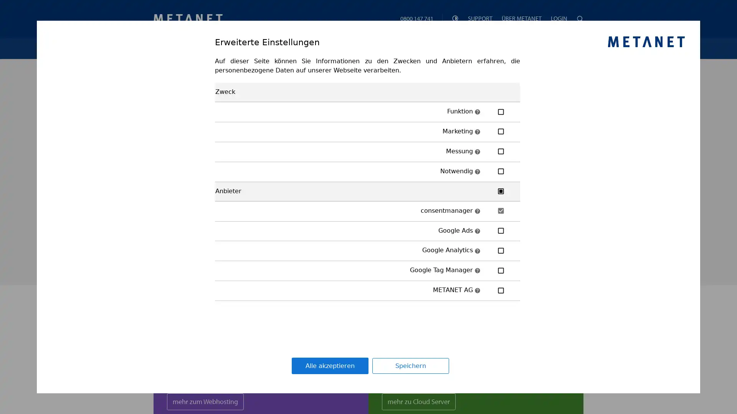 The width and height of the screenshot is (737, 414). Describe the element at coordinates (477, 250) in the screenshot. I see `Beschreibung: Google Analytics` at that location.